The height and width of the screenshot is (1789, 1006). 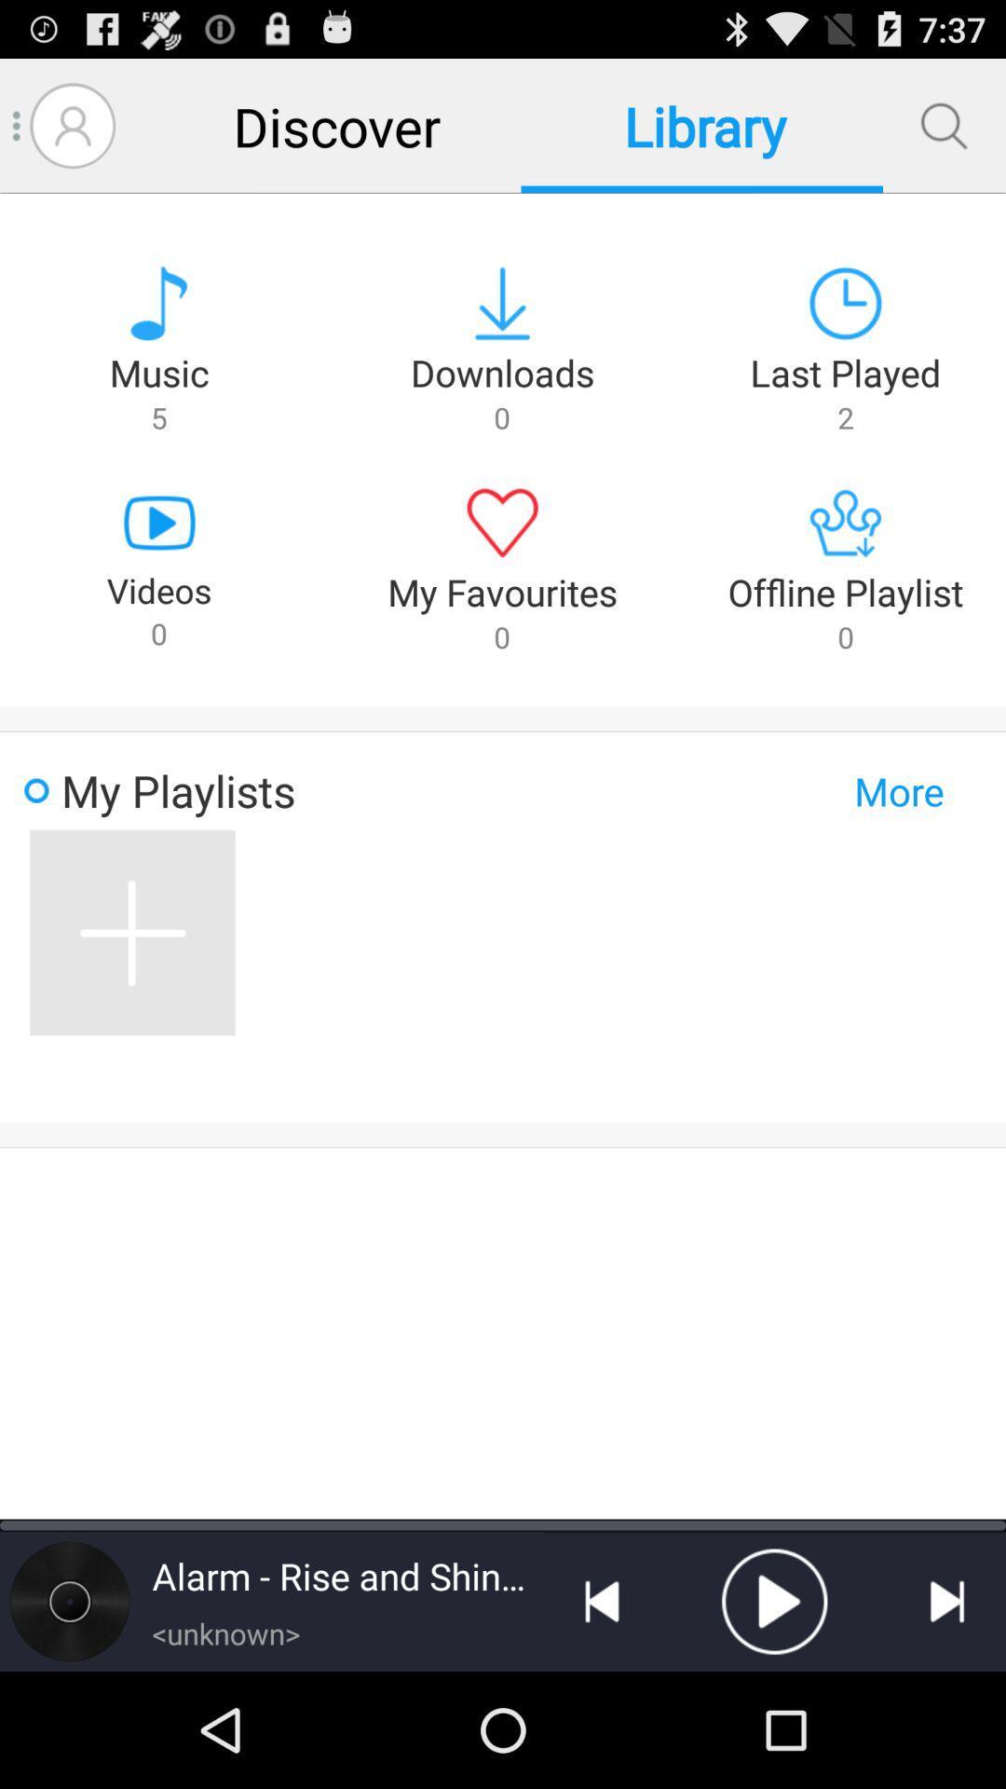 What do you see at coordinates (947, 1600) in the screenshot?
I see `next song` at bounding box center [947, 1600].